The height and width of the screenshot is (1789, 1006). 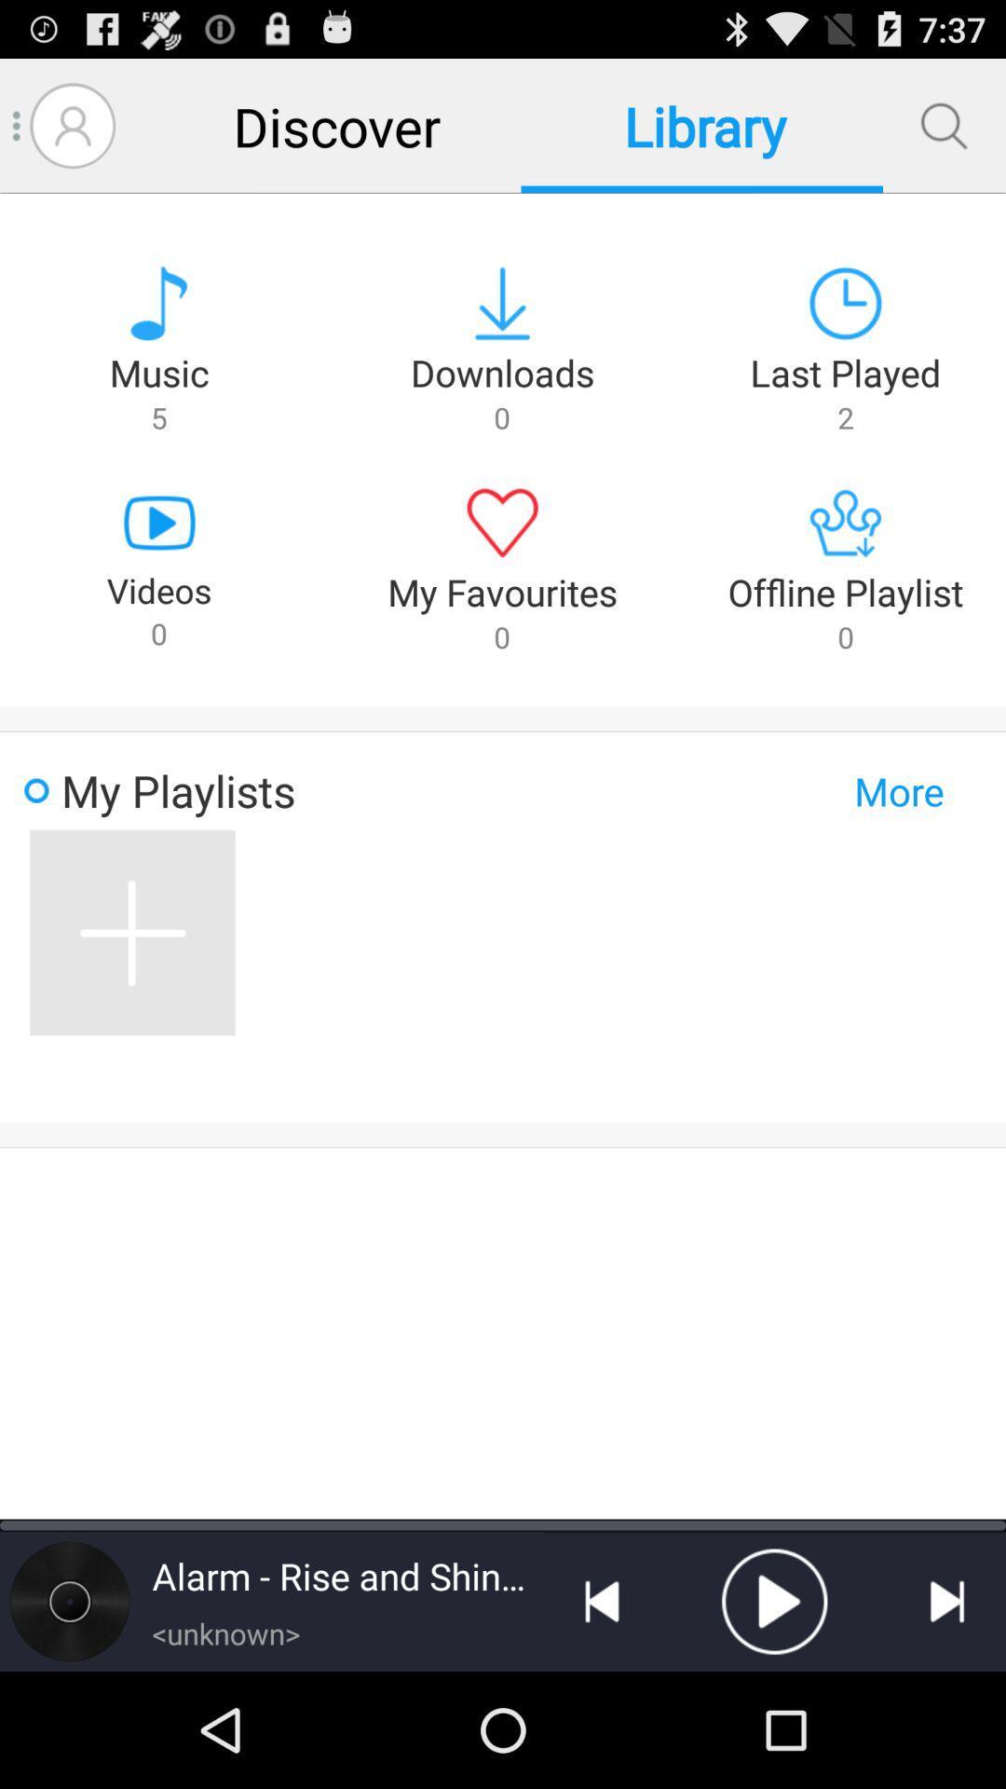 What do you see at coordinates (947, 1600) in the screenshot?
I see `next song` at bounding box center [947, 1600].